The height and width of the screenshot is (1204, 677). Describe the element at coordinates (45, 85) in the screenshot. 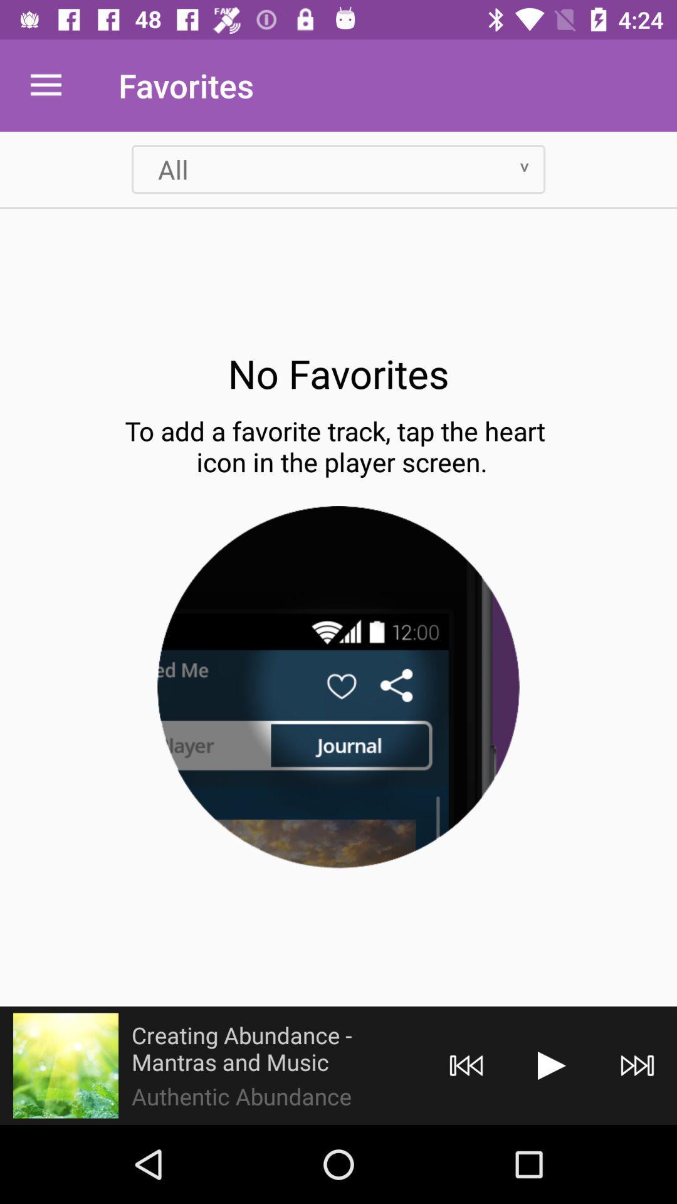

I see `the item next to favorites icon` at that location.